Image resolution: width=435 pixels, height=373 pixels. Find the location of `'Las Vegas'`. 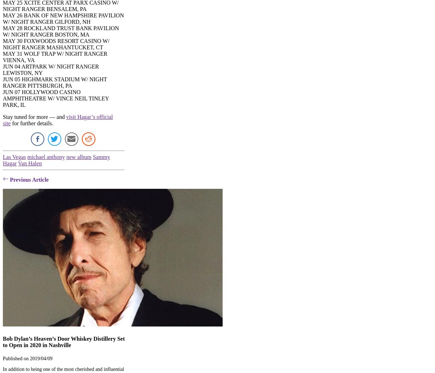

'Las Vegas' is located at coordinates (14, 157).